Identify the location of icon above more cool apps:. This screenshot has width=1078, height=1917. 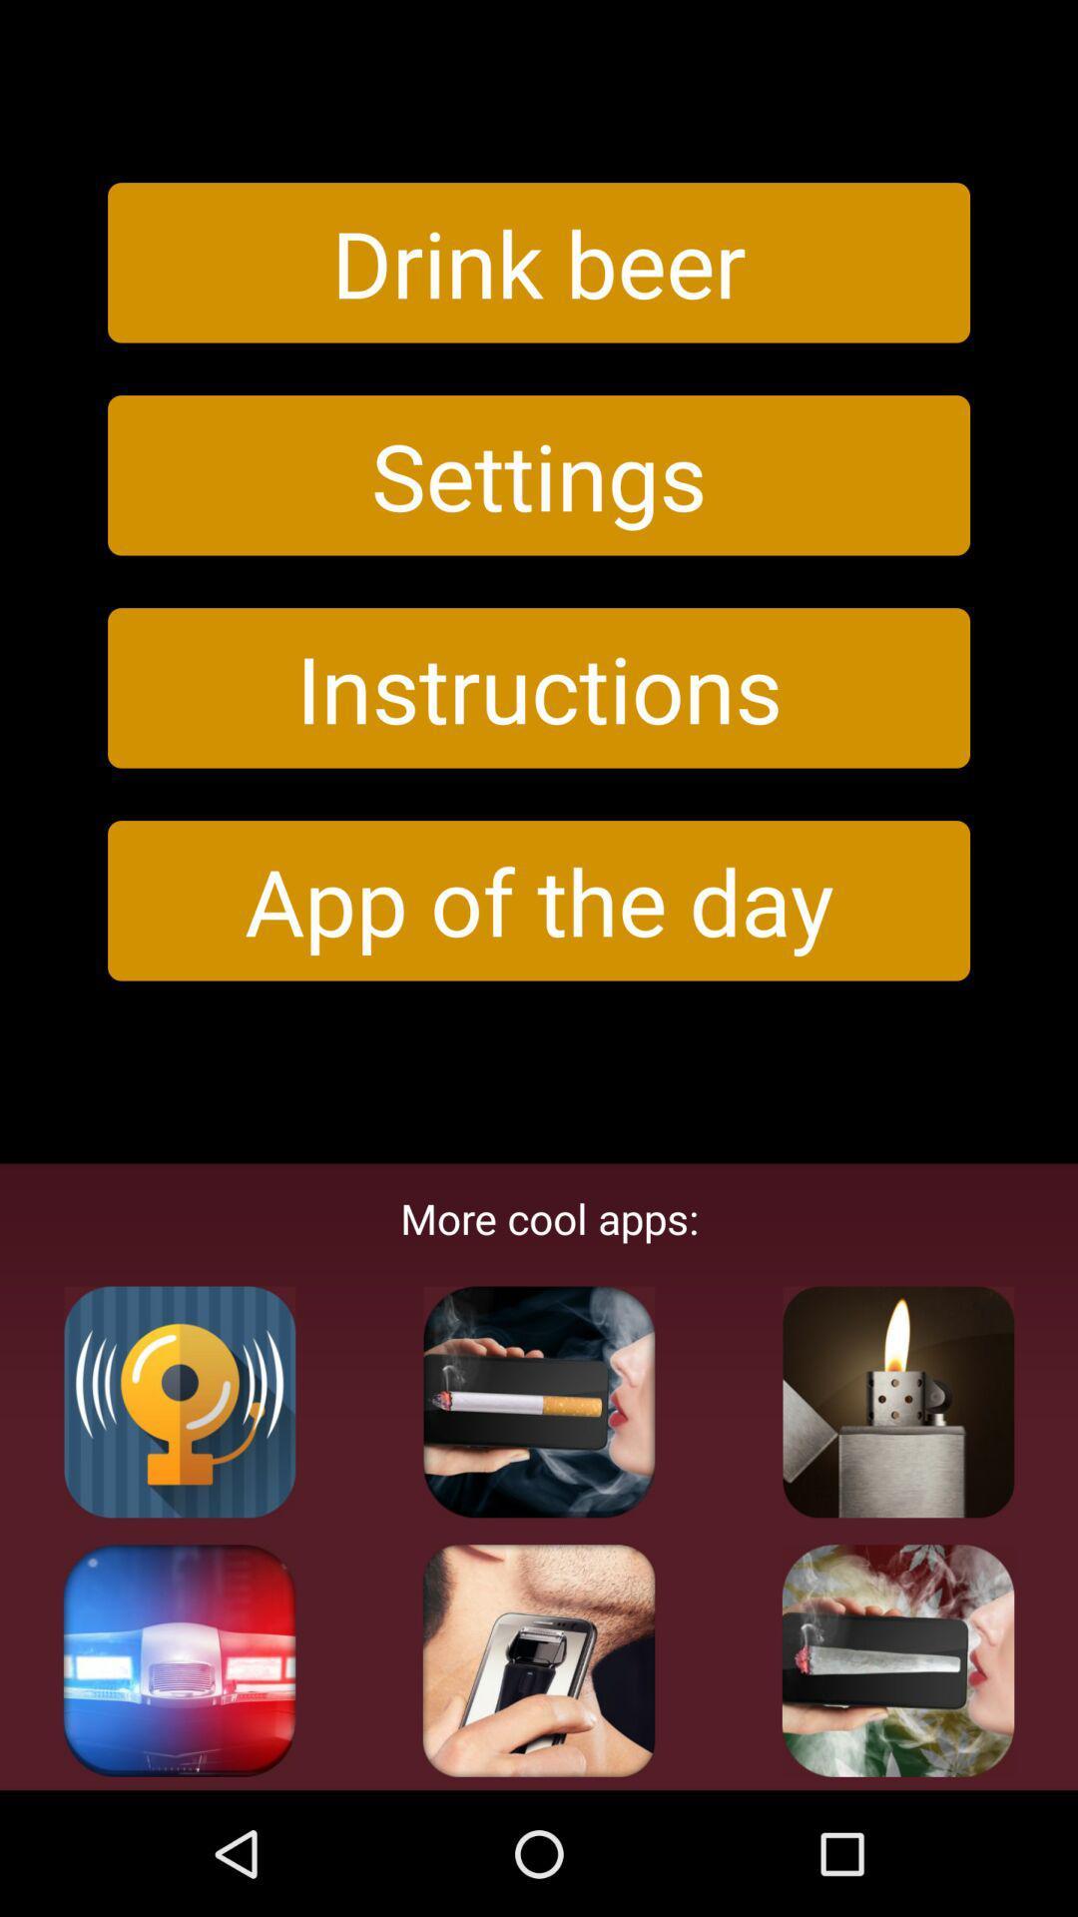
(539, 900).